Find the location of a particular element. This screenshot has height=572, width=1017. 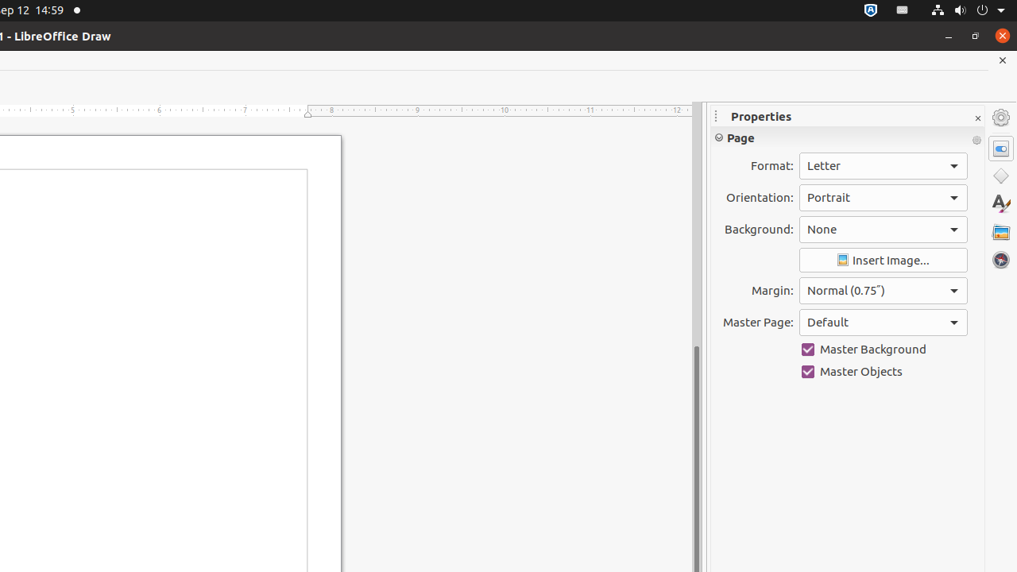

':1.21/StatusNotifierItem' is located at coordinates (903, 10).